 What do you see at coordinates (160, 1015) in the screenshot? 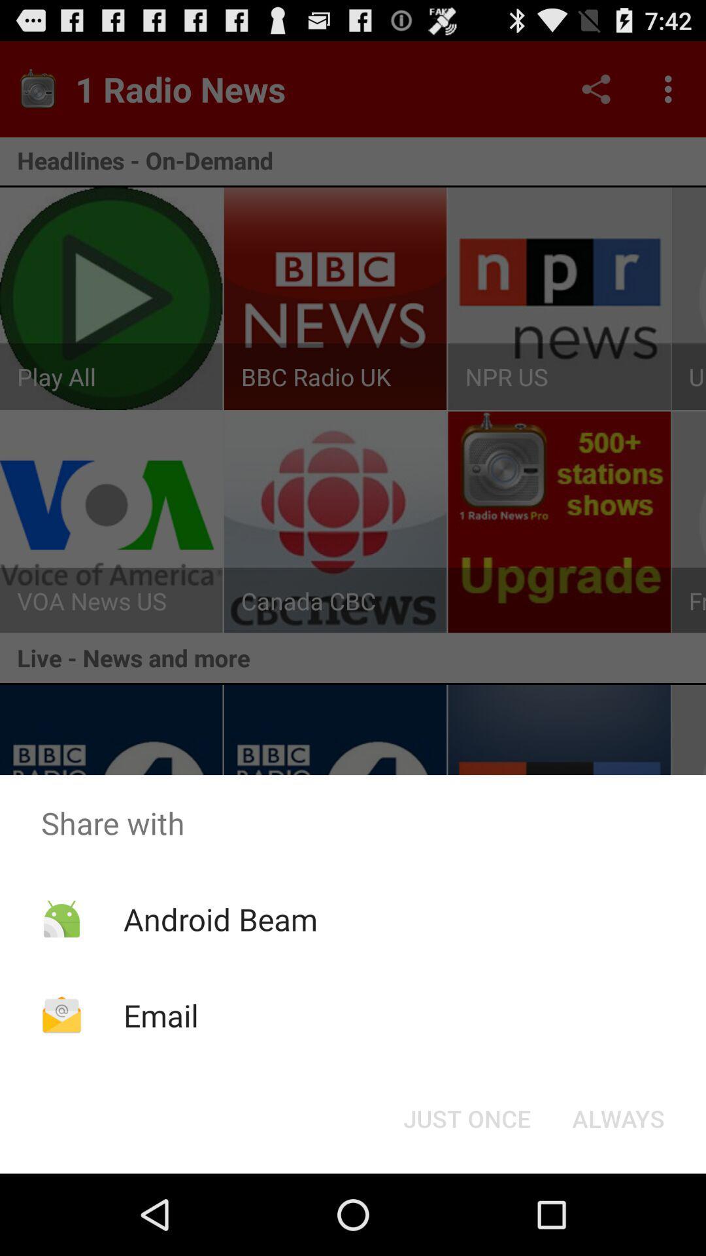
I see `the icon below the android beam item` at bounding box center [160, 1015].